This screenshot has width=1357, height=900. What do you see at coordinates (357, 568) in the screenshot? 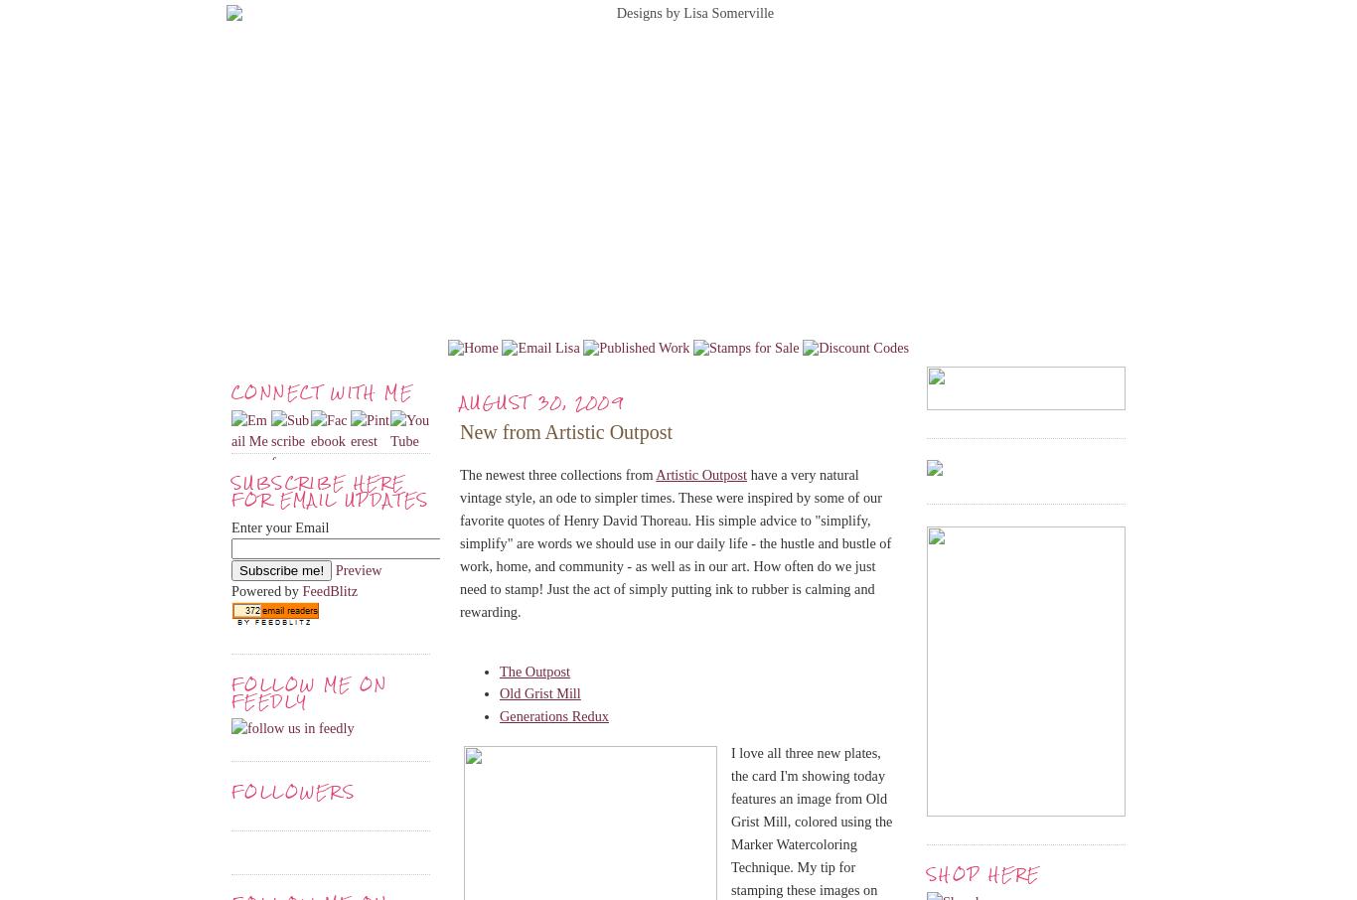
I see `'Preview'` at bounding box center [357, 568].